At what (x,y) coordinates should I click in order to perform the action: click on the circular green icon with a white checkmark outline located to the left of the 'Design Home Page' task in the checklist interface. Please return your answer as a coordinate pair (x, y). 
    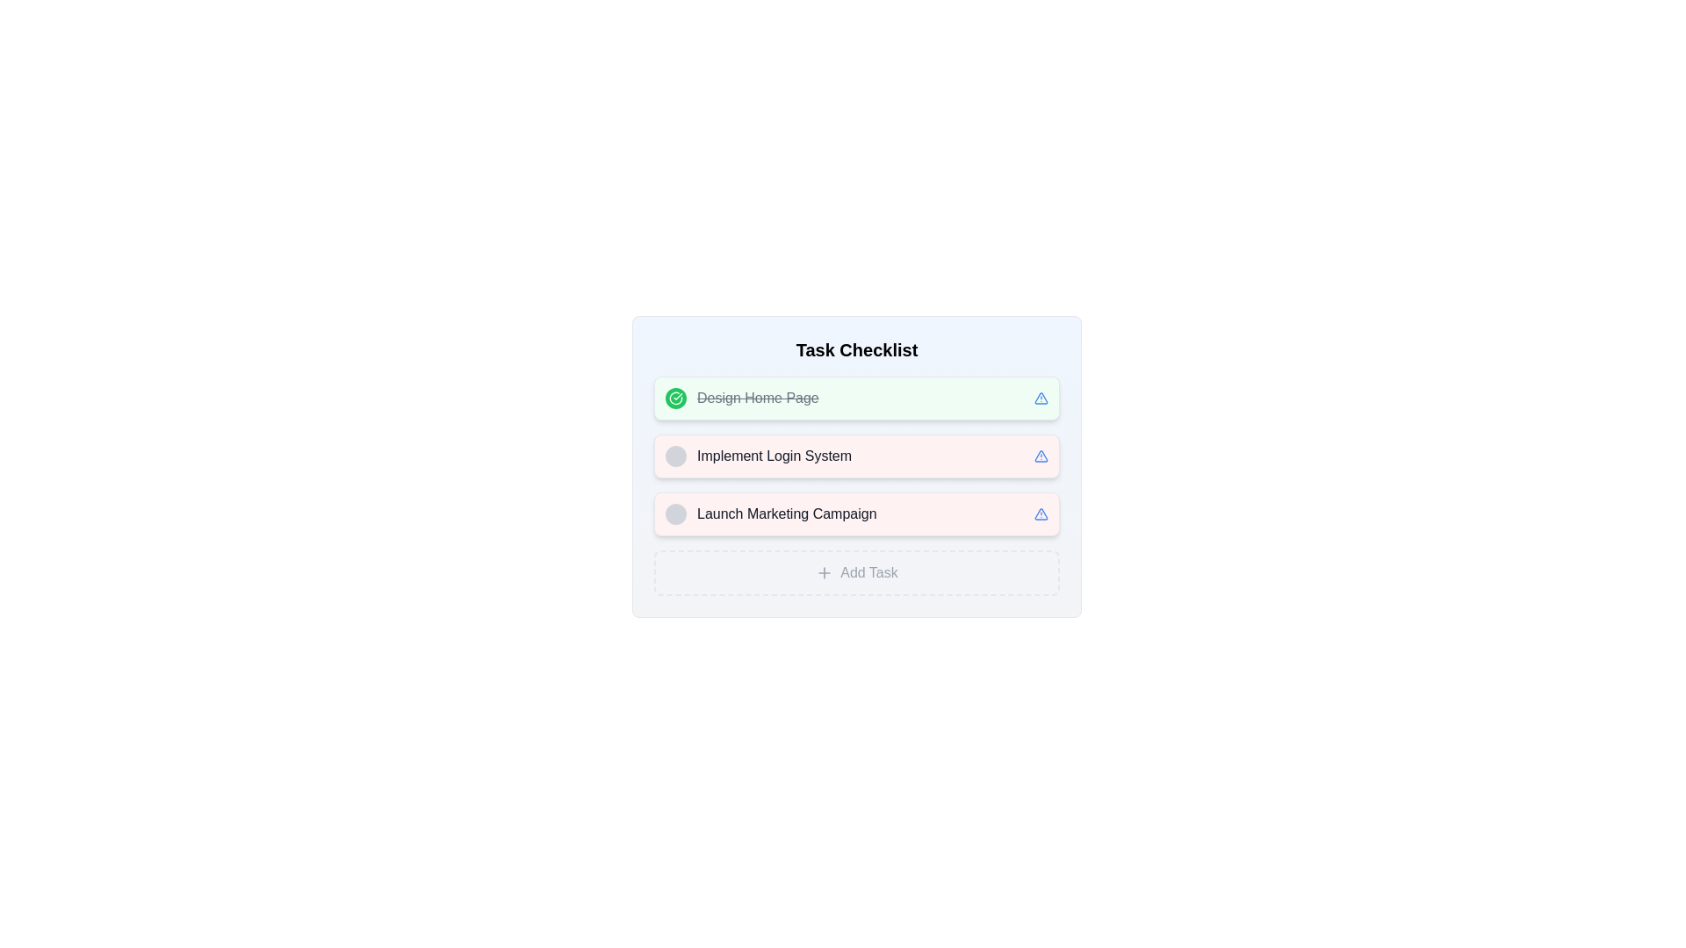
    Looking at the image, I should click on (674, 399).